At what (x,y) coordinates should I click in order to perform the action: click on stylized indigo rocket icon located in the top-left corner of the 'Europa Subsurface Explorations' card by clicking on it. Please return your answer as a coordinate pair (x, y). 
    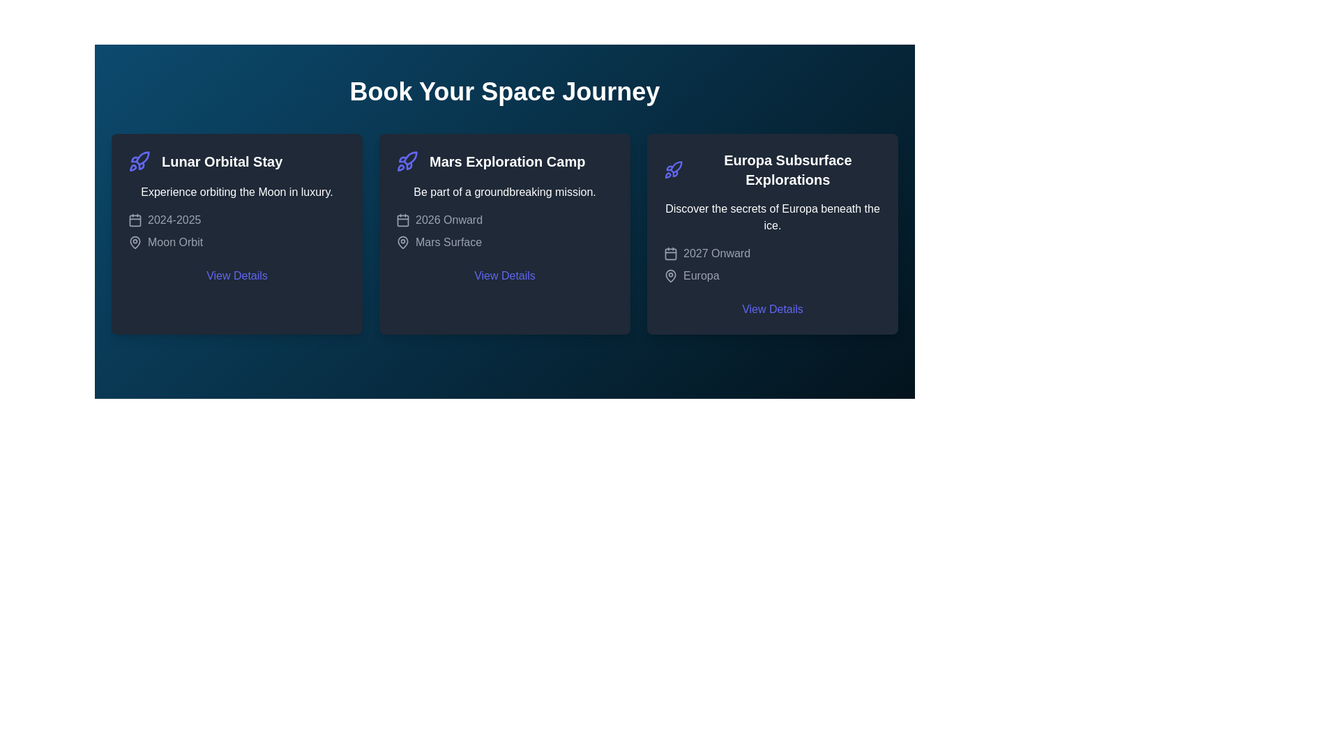
    Looking at the image, I should click on (673, 169).